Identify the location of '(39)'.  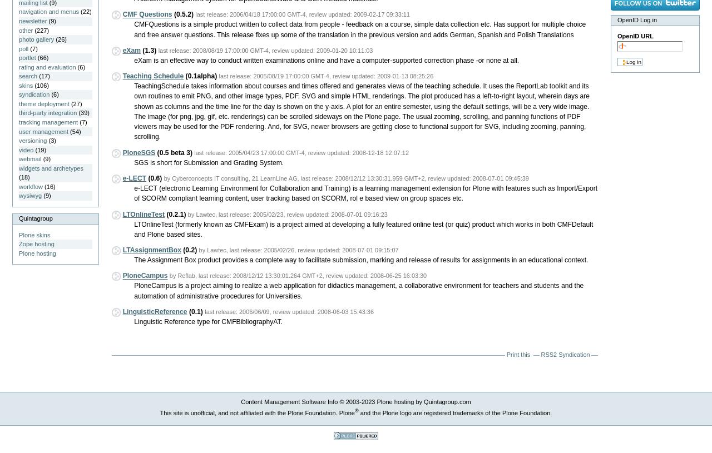
(82, 113).